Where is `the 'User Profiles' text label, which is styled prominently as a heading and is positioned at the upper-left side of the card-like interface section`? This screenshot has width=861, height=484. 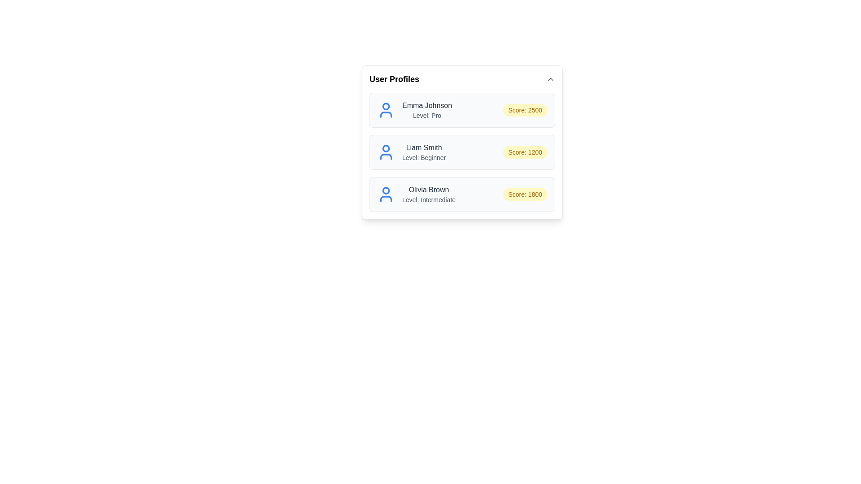 the 'User Profiles' text label, which is styled prominently as a heading and is positioned at the upper-left side of the card-like interface section is located at coordinates (394, 79).